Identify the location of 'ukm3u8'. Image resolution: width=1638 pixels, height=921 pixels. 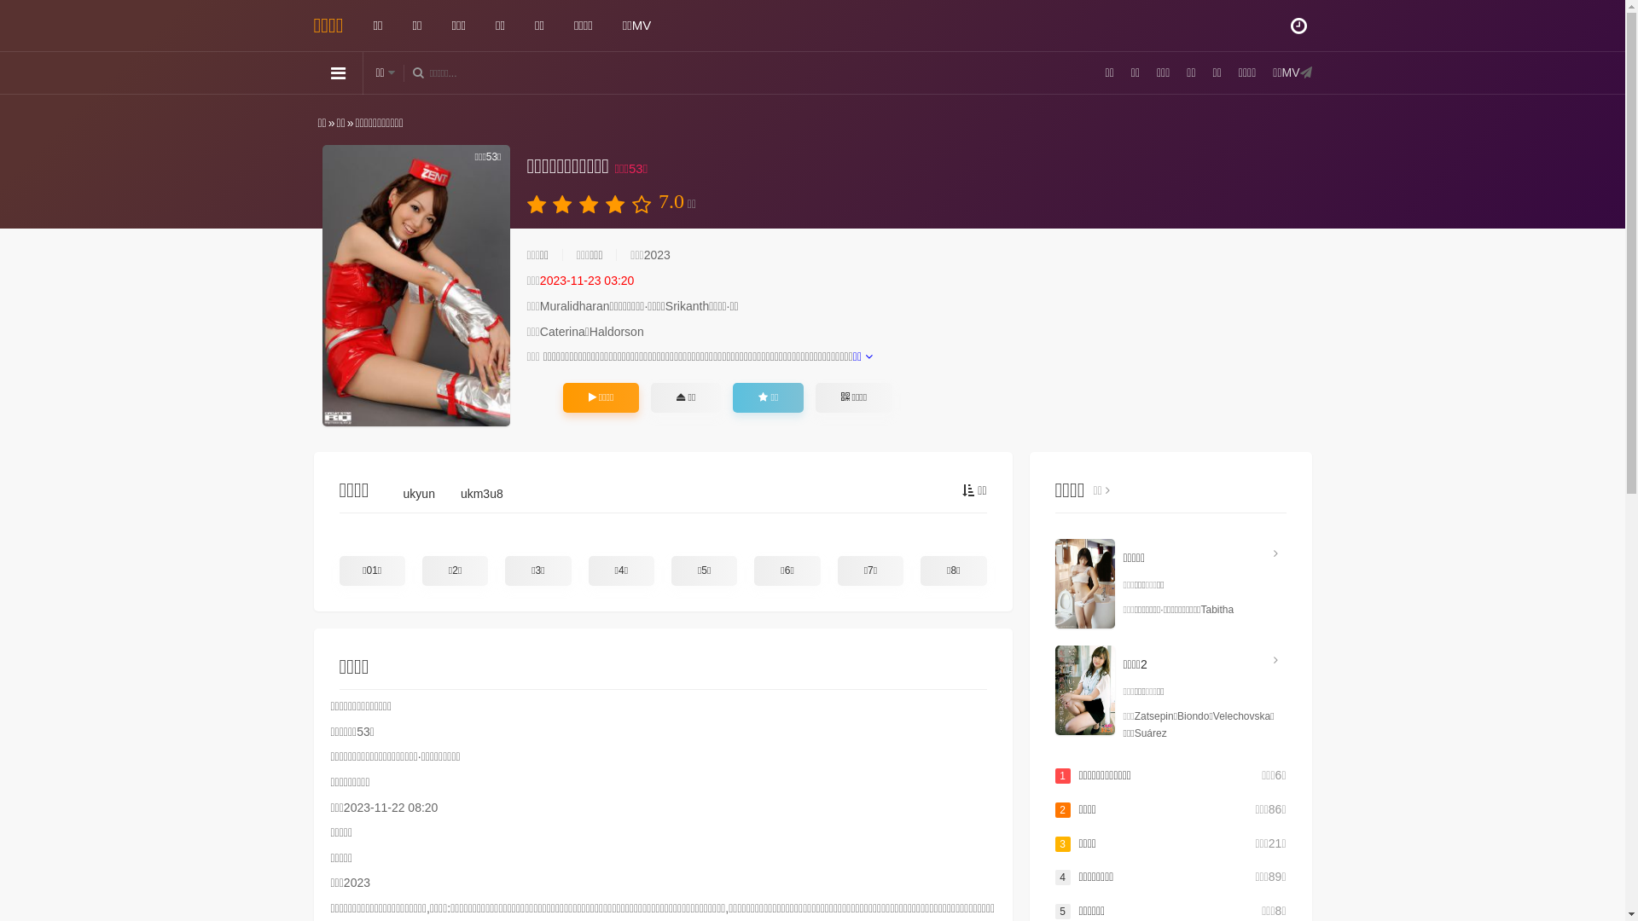
(460, 497).